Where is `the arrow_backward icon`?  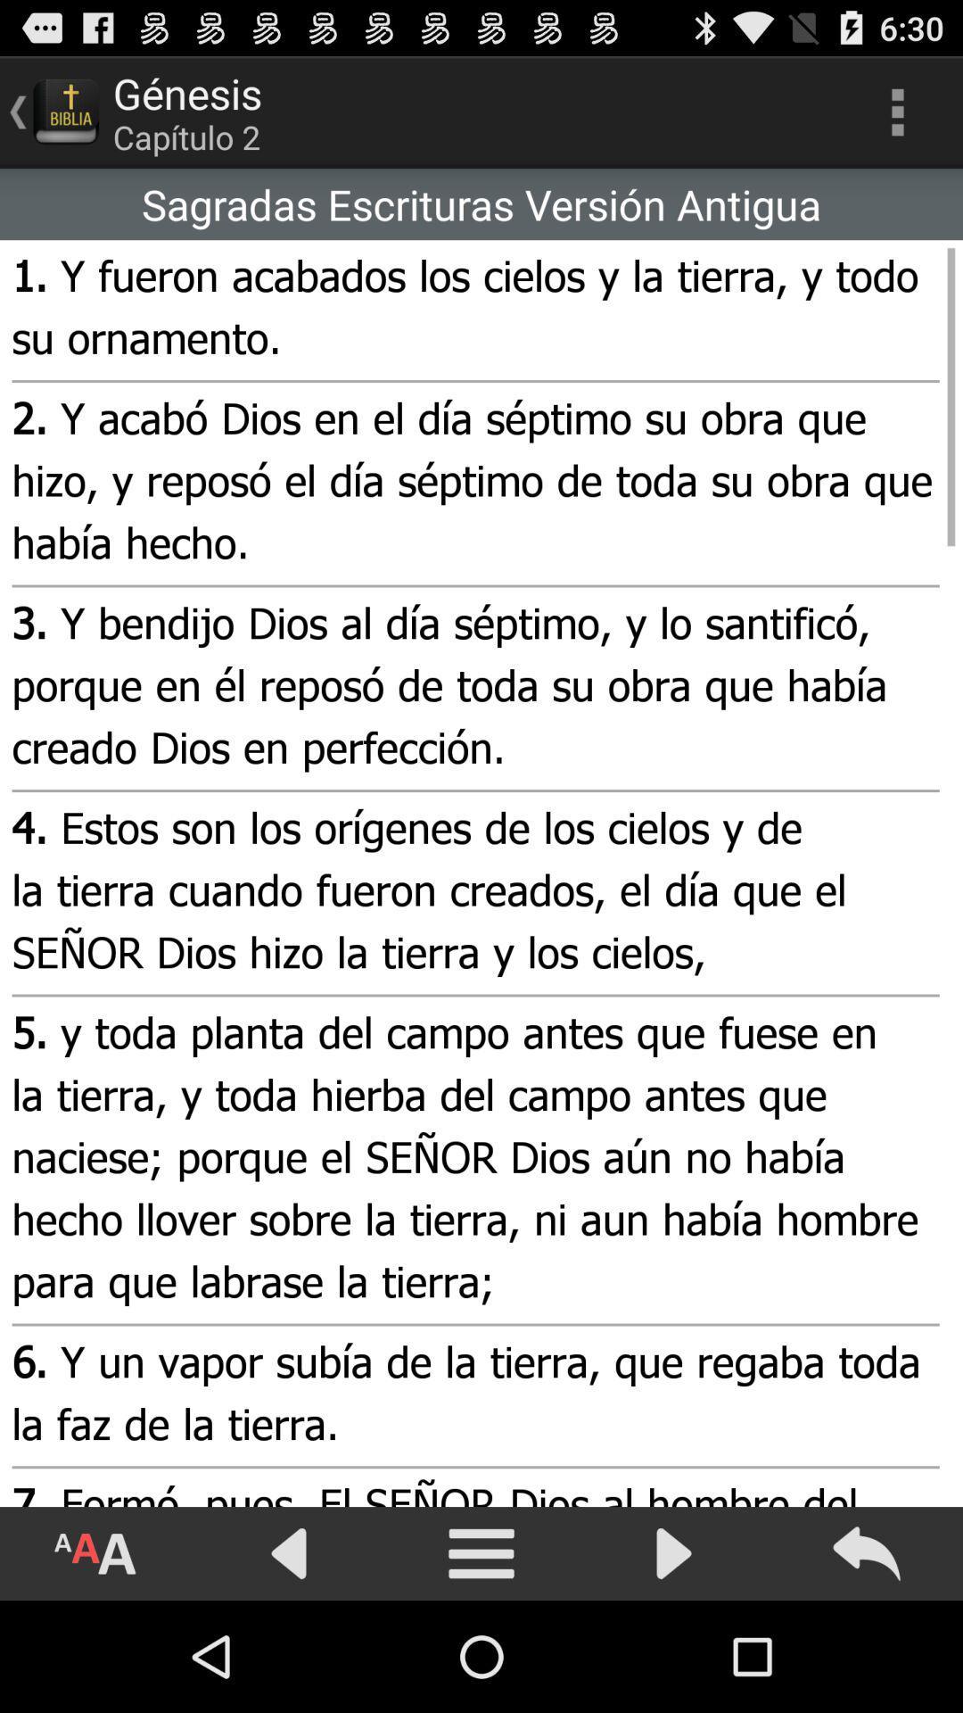
the arrow_backward icon is located at coordinates (288, 1661).